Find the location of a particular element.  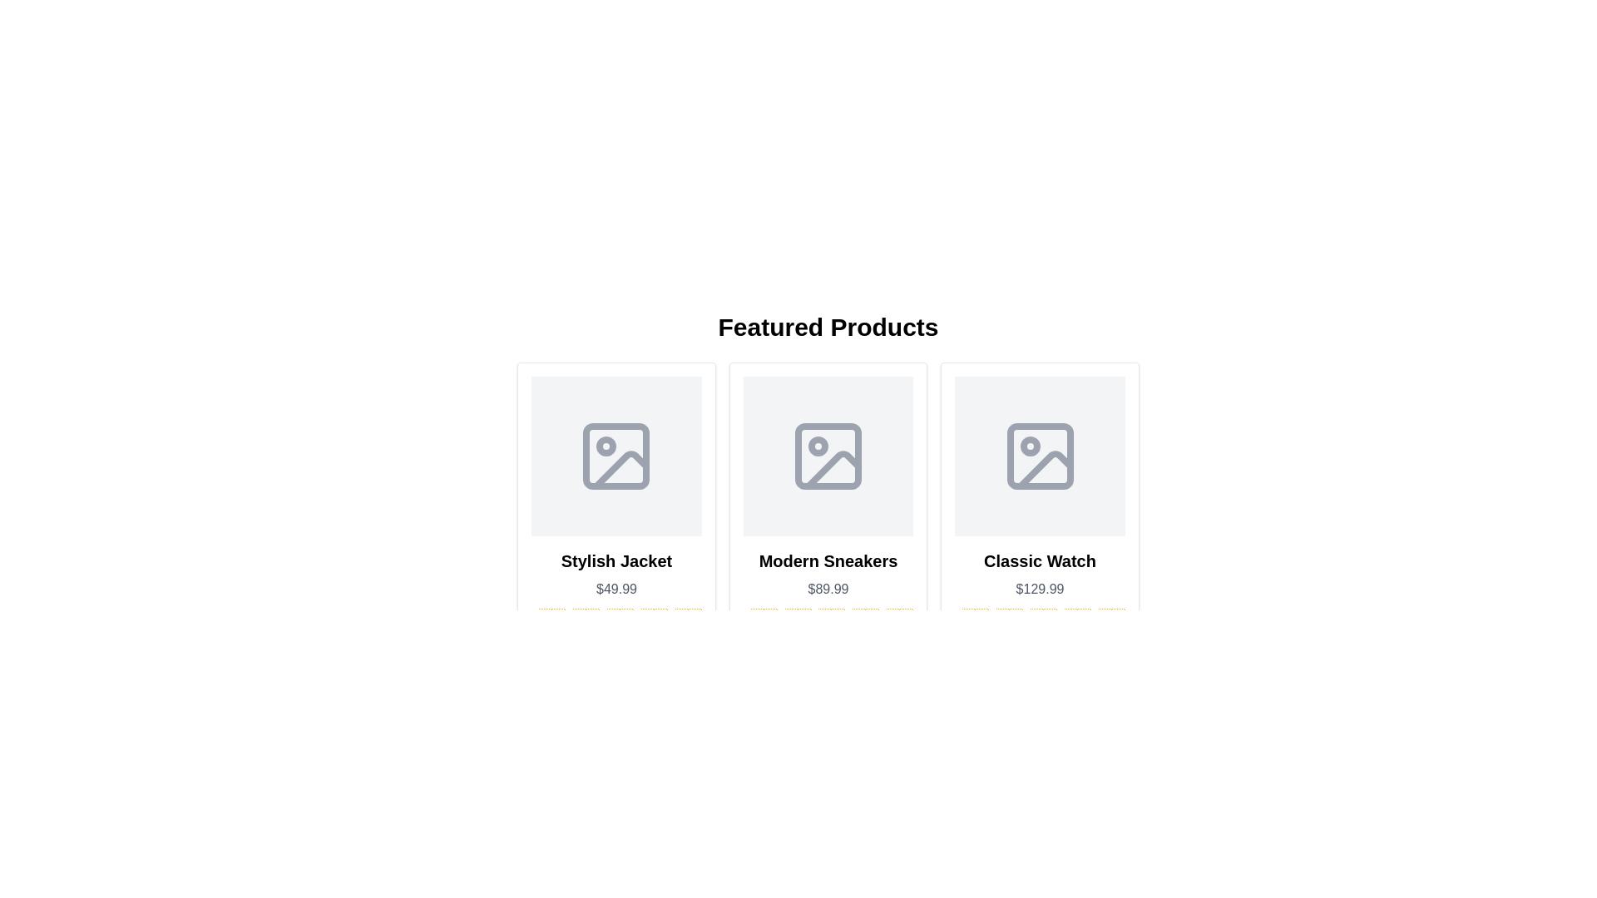

the Icon placeholder for an image element located within the first product card under the 'Featured Products' banner, representing the 'Stylish Jacket' product is located at coordinates (616, 456).